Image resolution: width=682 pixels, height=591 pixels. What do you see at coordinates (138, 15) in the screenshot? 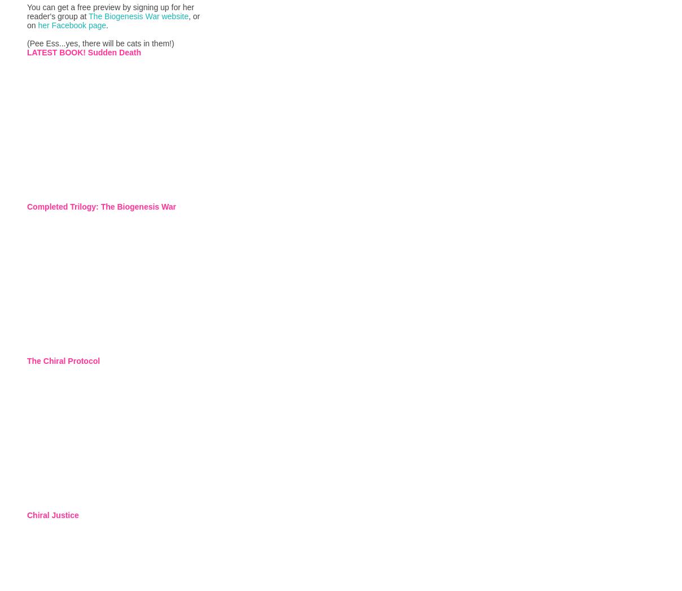
I see `'The Biogenesis War website'` at bounding box center [138, 15].